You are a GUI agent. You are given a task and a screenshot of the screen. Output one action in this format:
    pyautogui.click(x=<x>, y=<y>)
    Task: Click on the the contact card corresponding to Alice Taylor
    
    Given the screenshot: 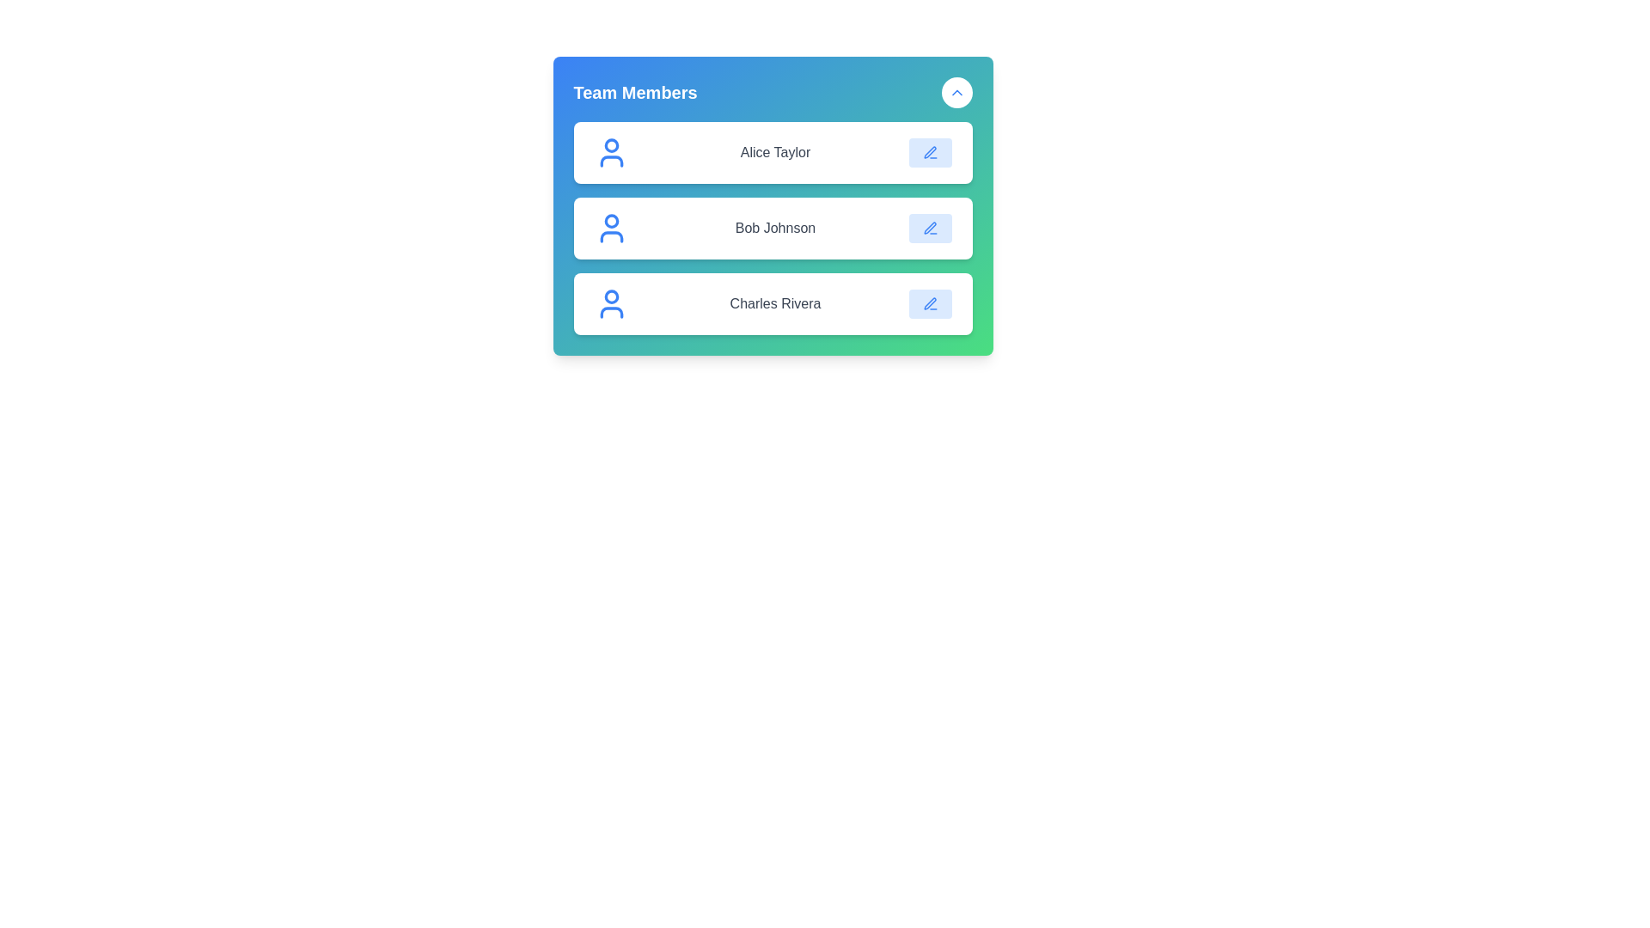 What is the action you would take?
    pyautogui.click(x=772, y=151)
    